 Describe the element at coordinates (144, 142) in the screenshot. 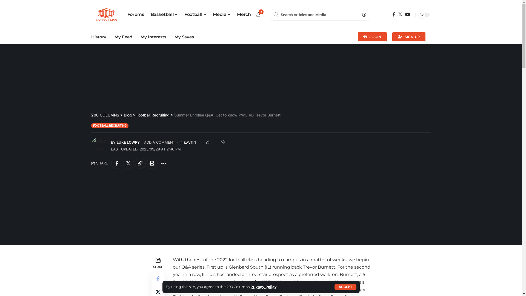

I see `'ADD A COMMENT'` at that location.